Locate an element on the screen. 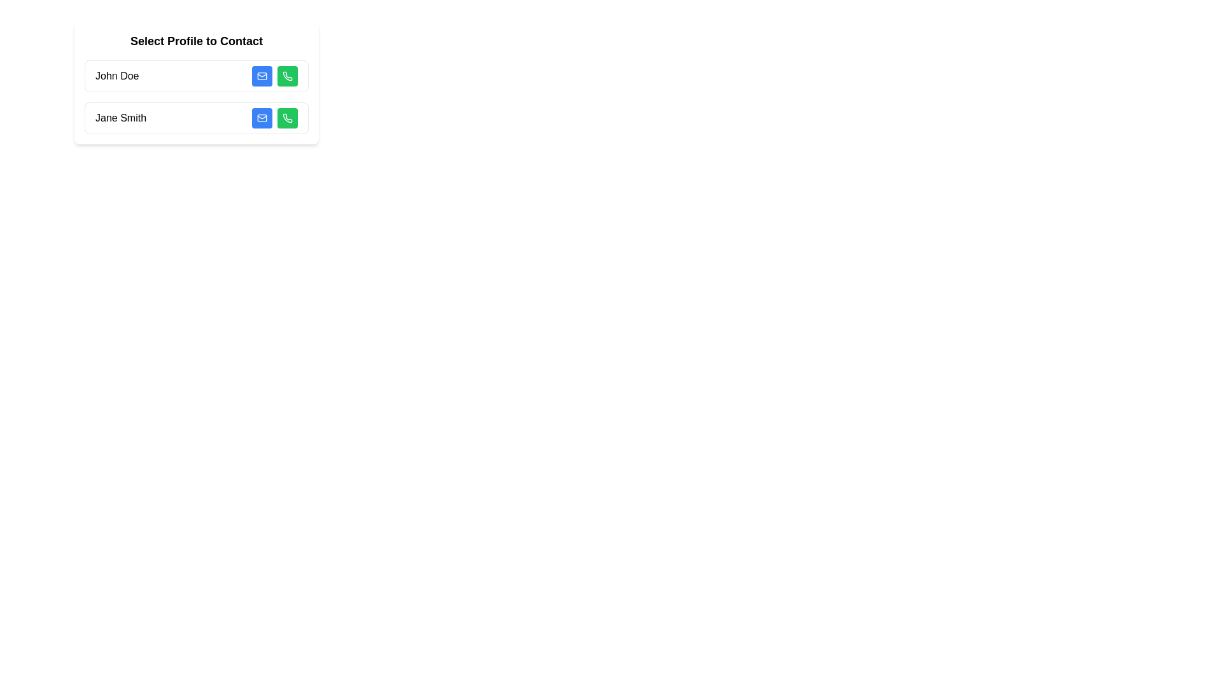 This screenshot has width=1222, height=687. the phone call icon located in the rightmost green button of the 'Jane Smith' row in the 'Select Profile to Contact' interface is located at coordinates (286, 76).